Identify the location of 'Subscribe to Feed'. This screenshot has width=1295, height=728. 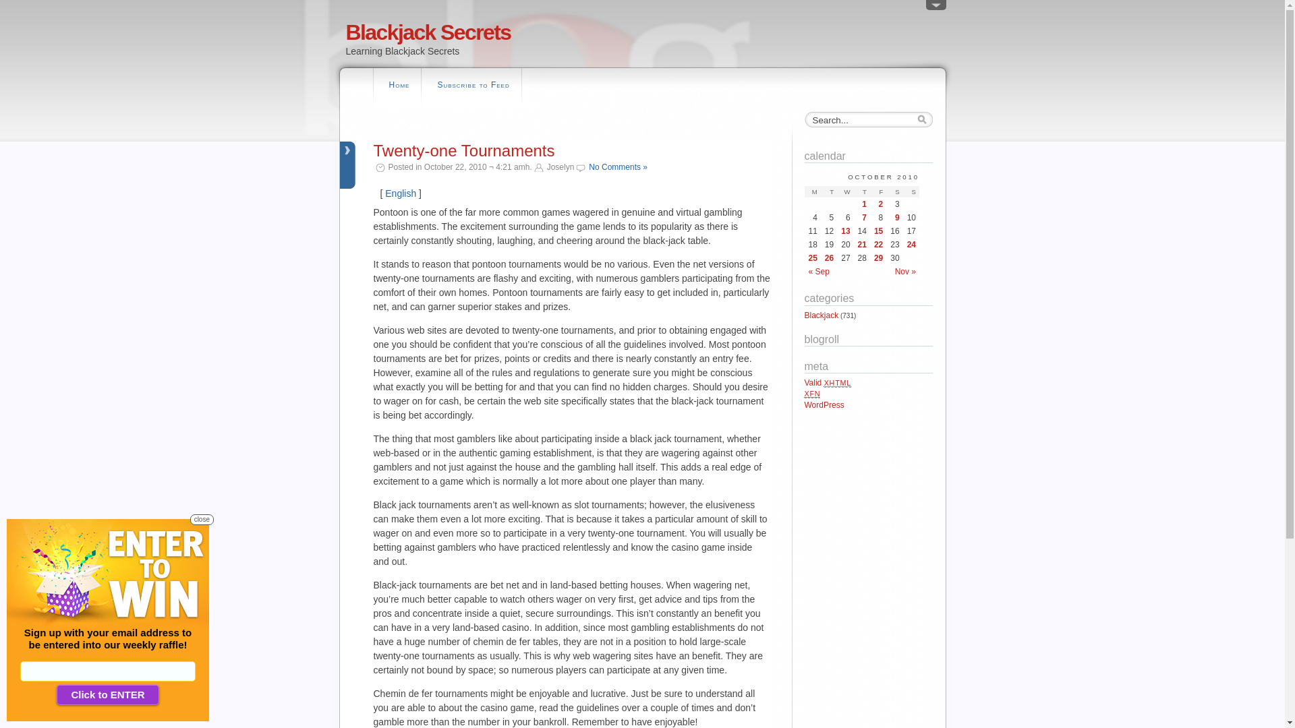
(473, 86).